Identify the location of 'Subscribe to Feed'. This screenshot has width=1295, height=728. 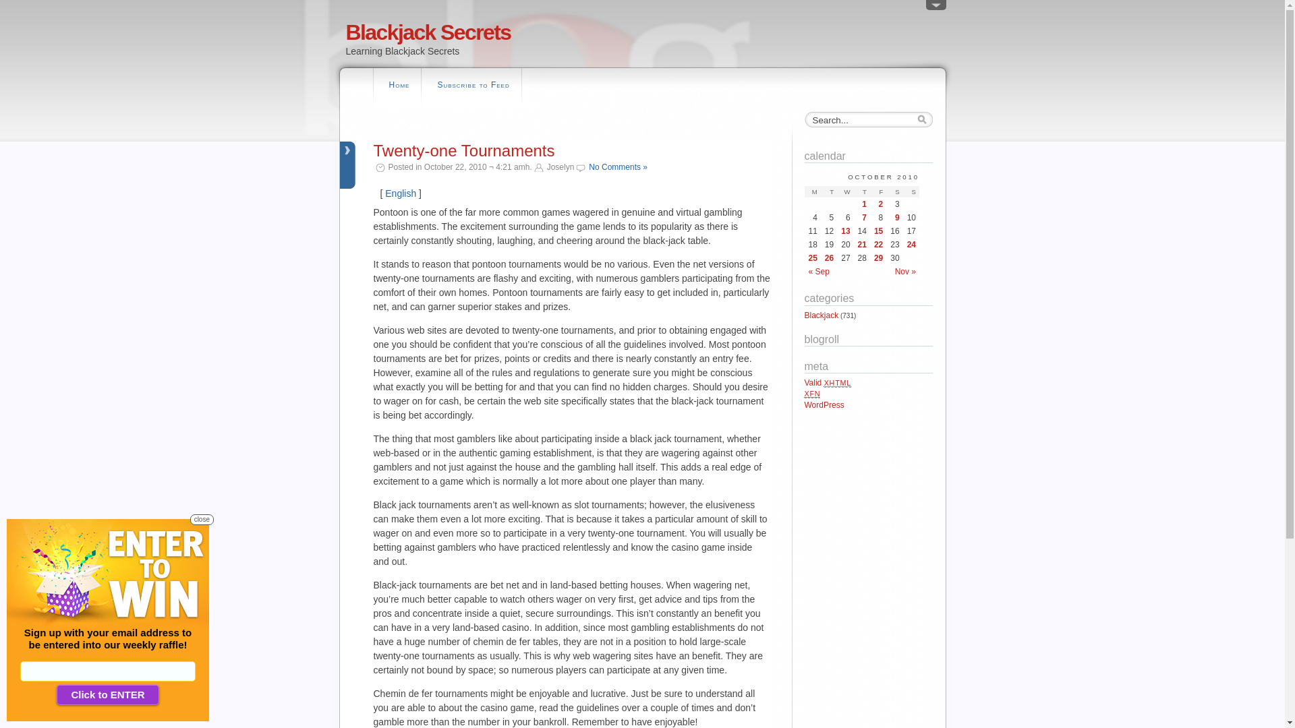
(473, 86).